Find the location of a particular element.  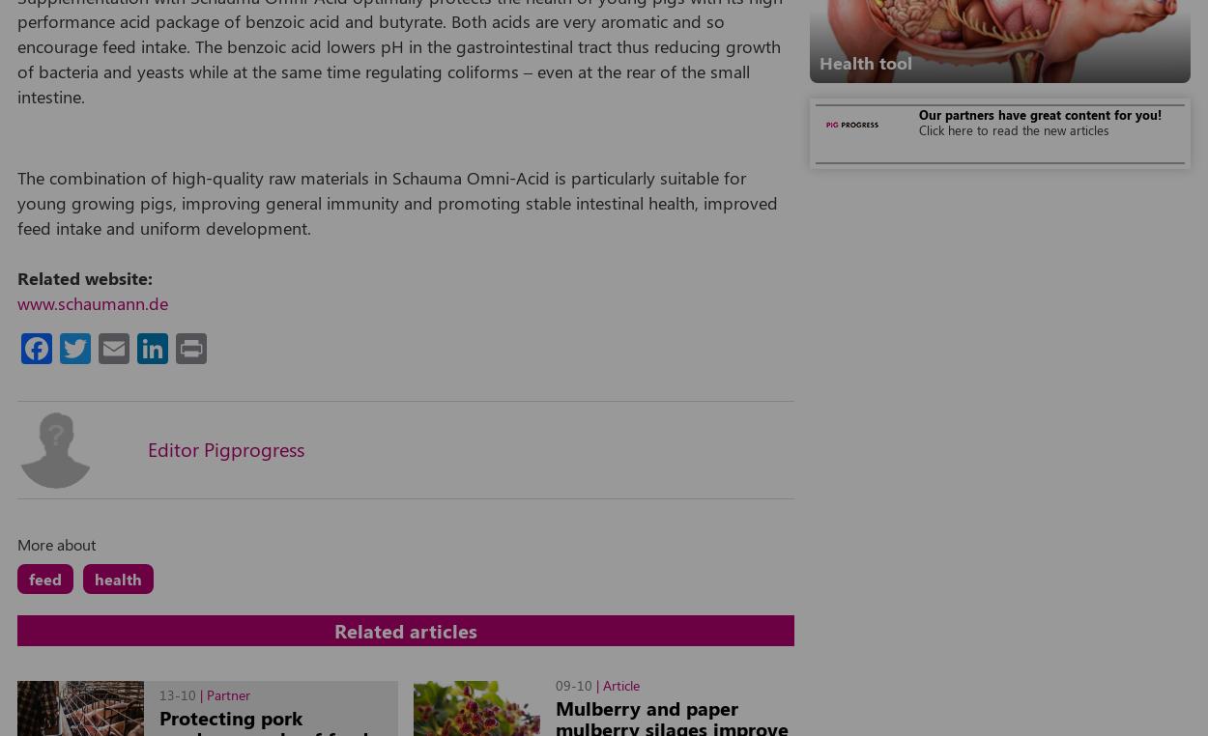

'Related articles' is located at coordinates (406, 629).